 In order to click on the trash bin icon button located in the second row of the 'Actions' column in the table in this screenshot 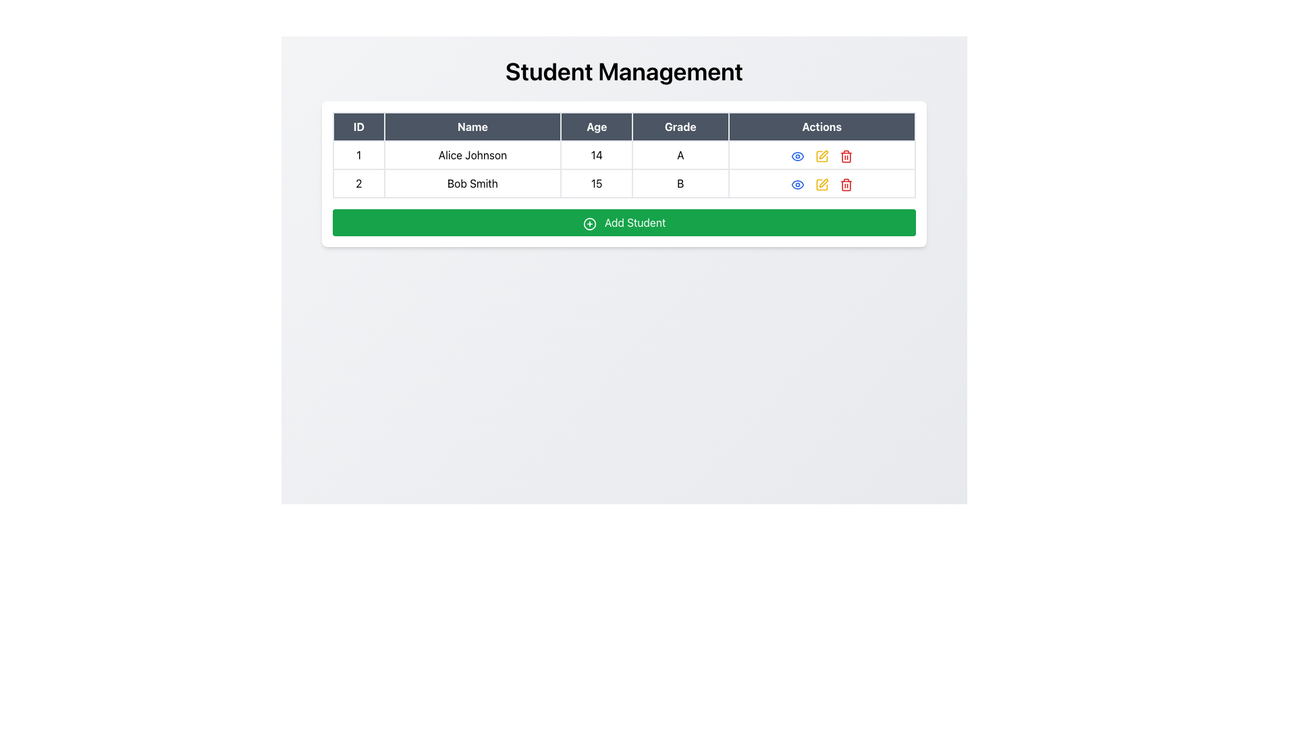, I will do `click(845, 184)`.